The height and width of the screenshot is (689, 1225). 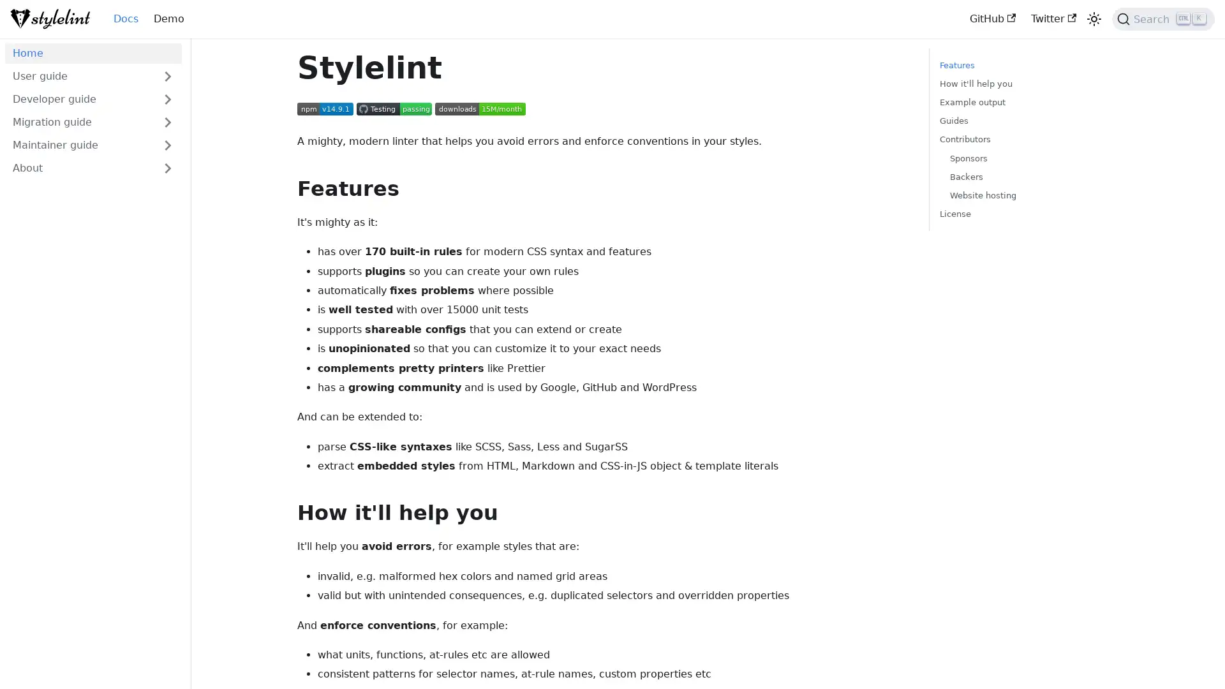 What do you see at coordinates (1093, 19) in the screenshot?
I see `Switch between dark and light mode (currently light mode)` at bounding box center [1093, 19].